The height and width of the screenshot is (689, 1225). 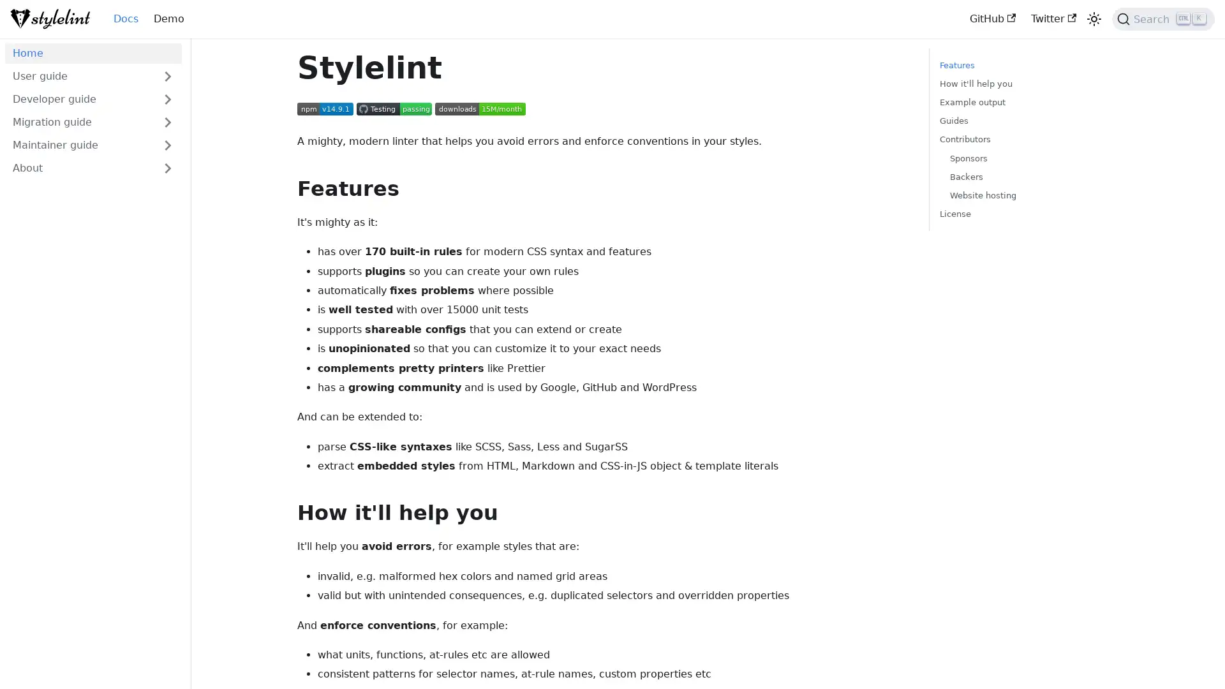 What do you see at coordinates (1093, 19) in the screenshot?
I see `Switch between dark and light mode (currently light mode)` at bounding box center [1093, 19].